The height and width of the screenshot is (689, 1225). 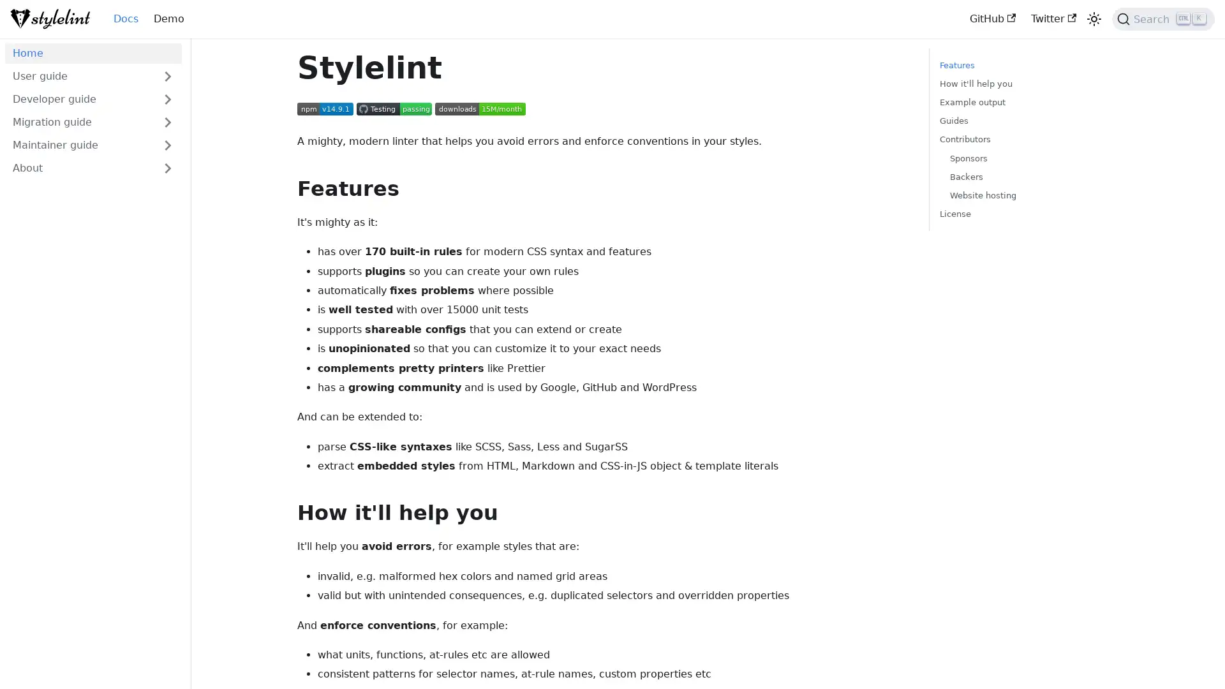 What do you see at coordinates (1093, 19) in the screenshot?
I see `Switch between dark and light mode (currently light mode)` at bounding box center [1093, 19].